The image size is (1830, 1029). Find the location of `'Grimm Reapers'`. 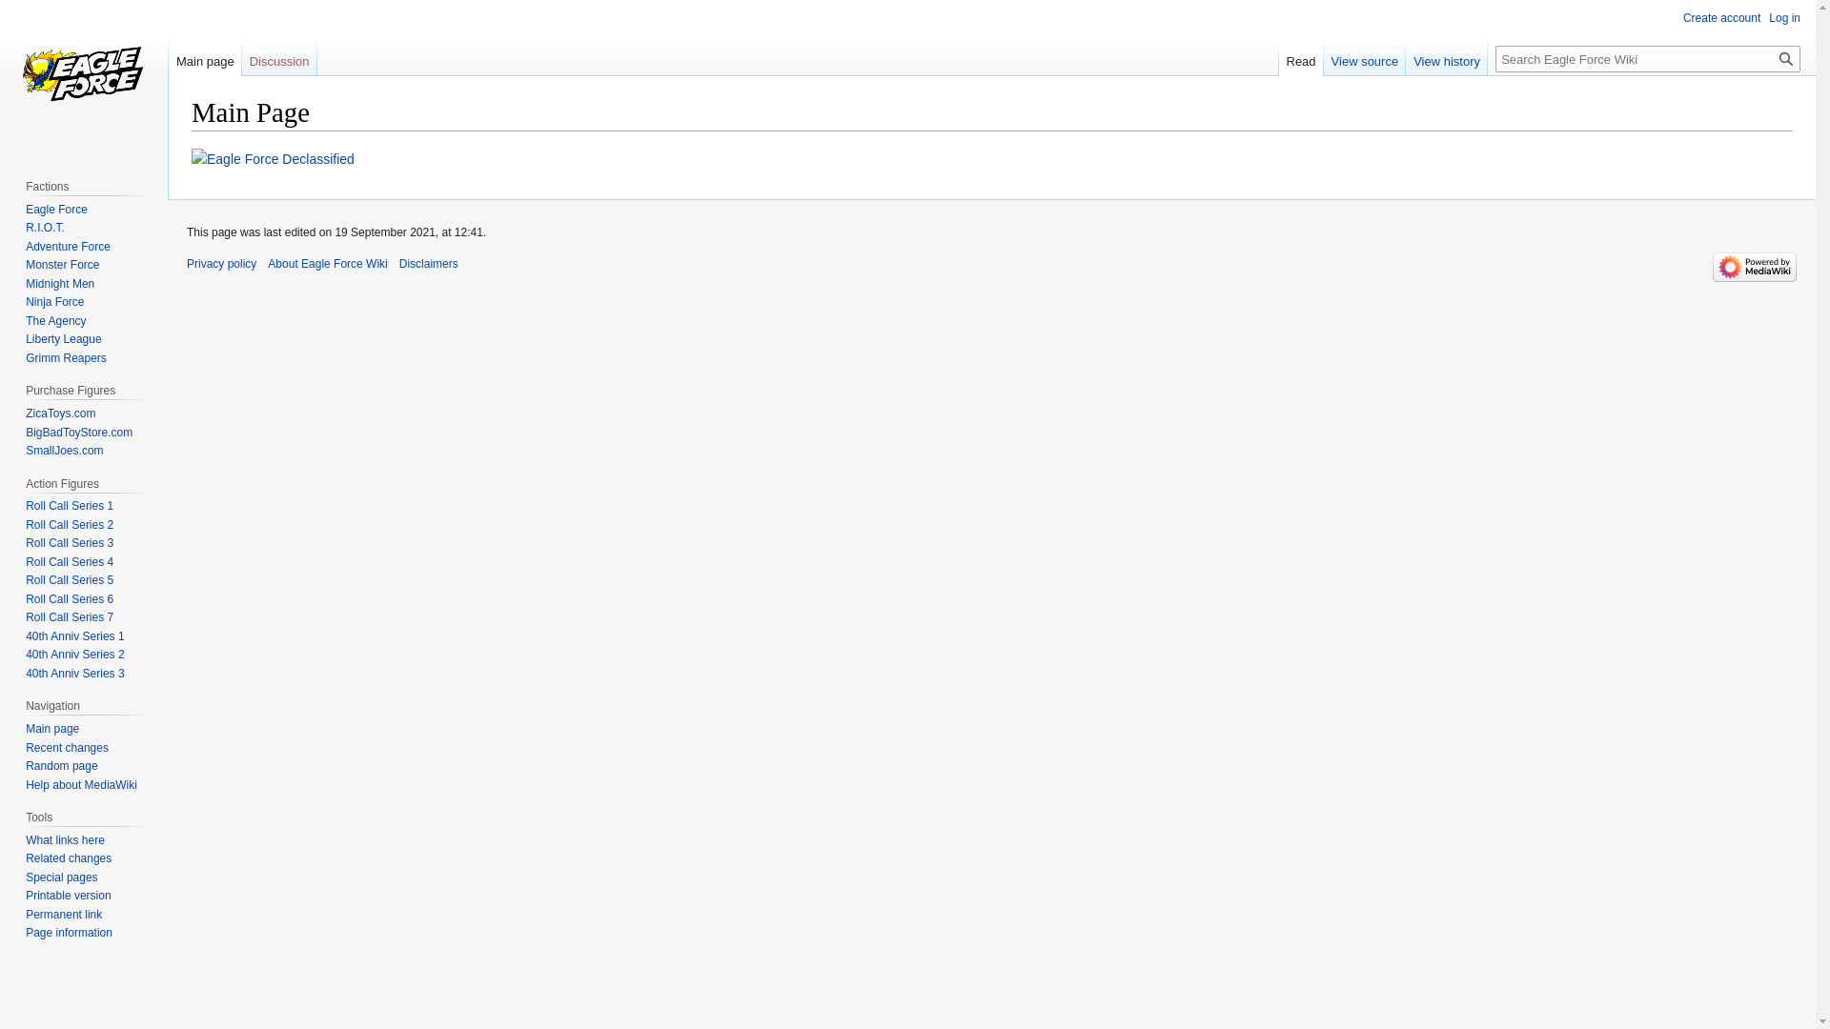

'Grimm Reapers' is located at coordinates (66, 357).